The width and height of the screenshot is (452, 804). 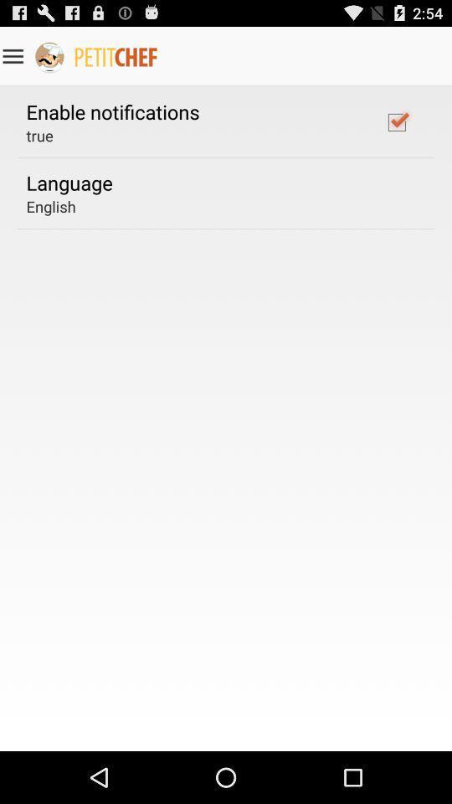 What do you see at coordinates (51, 205) in the screenshot?
I see `english` at bounding box center [51, 205].